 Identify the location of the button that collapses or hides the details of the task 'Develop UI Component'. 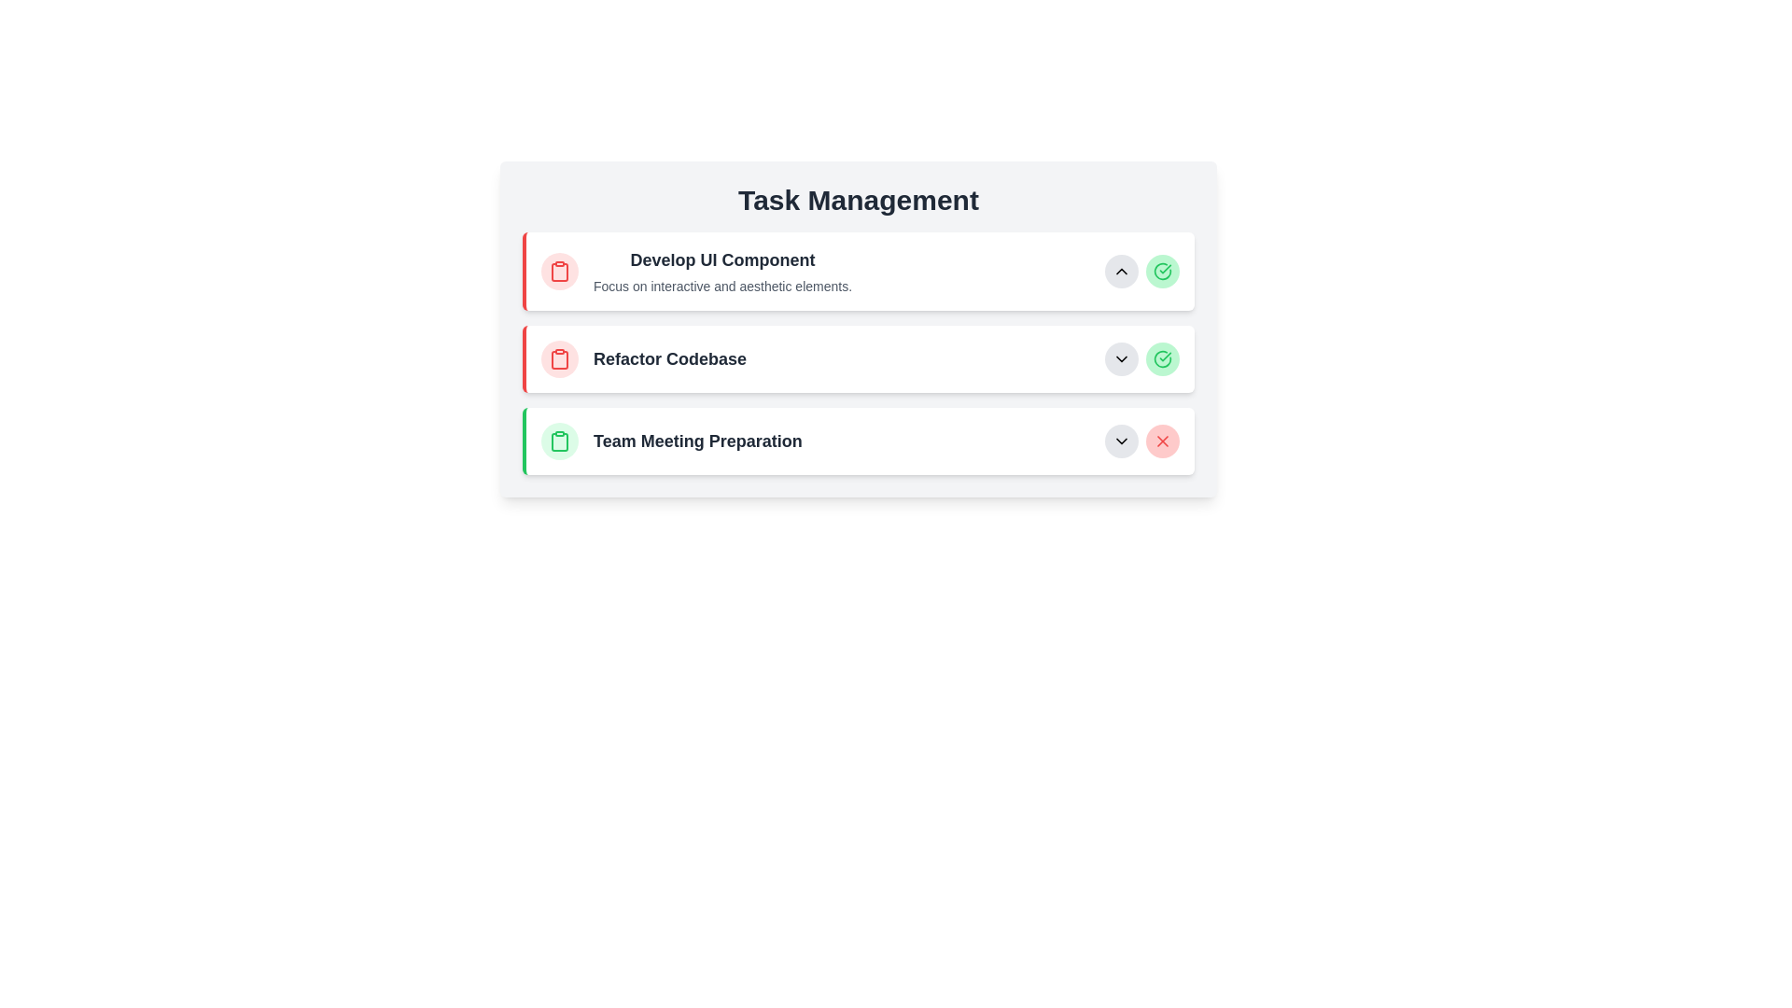
(1120, 271).